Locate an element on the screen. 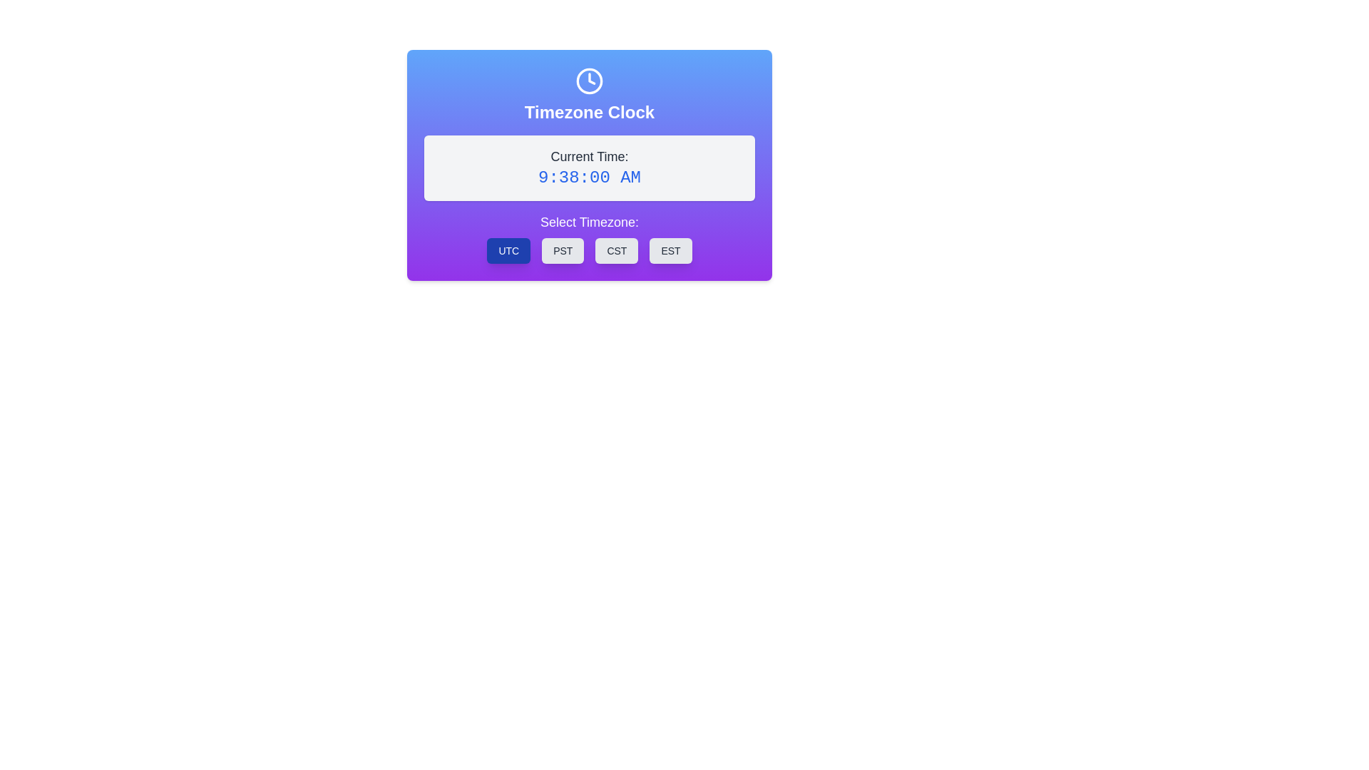 This screenshot has height=770, width=1369. the 'UTC' button is located at coordinates (508, 250).